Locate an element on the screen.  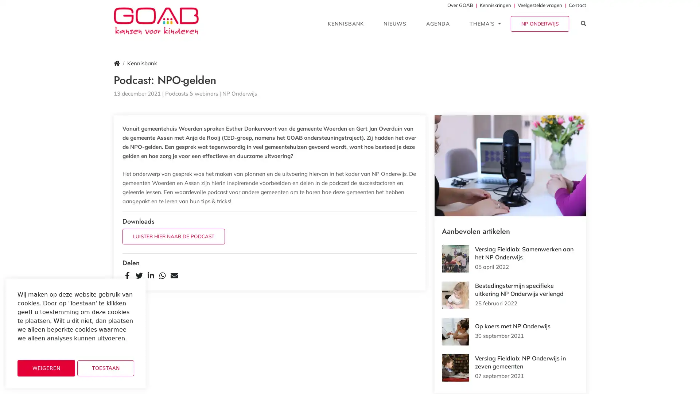
learn more about cookies is located at coordinates (36, 348).